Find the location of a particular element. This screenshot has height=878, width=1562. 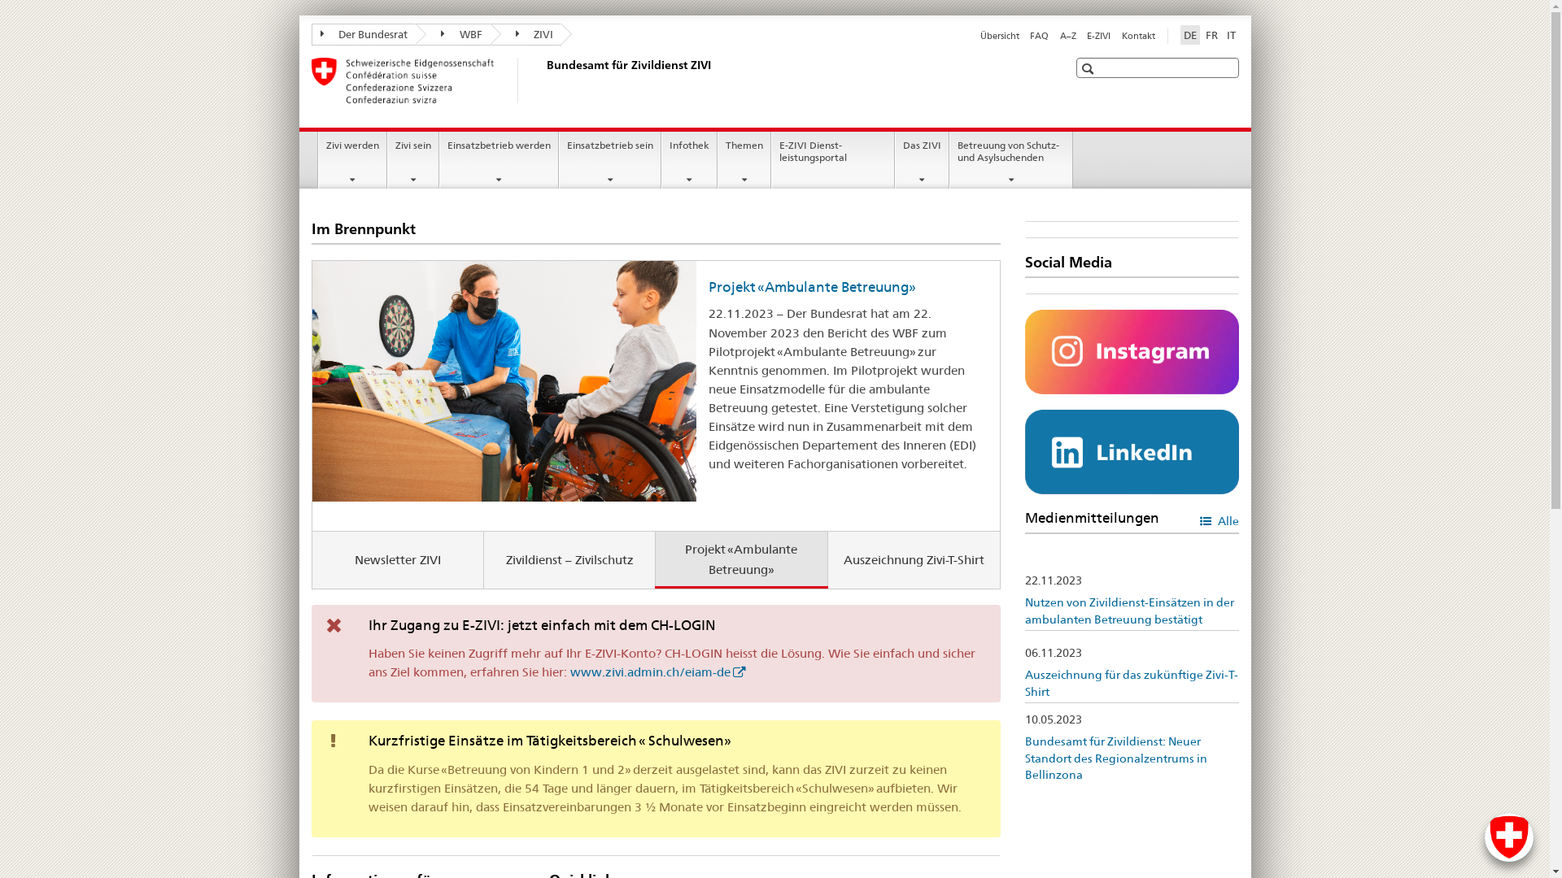

'E-ZIVI Dienst- leistungsportal' is located at coordinates (832, 159).